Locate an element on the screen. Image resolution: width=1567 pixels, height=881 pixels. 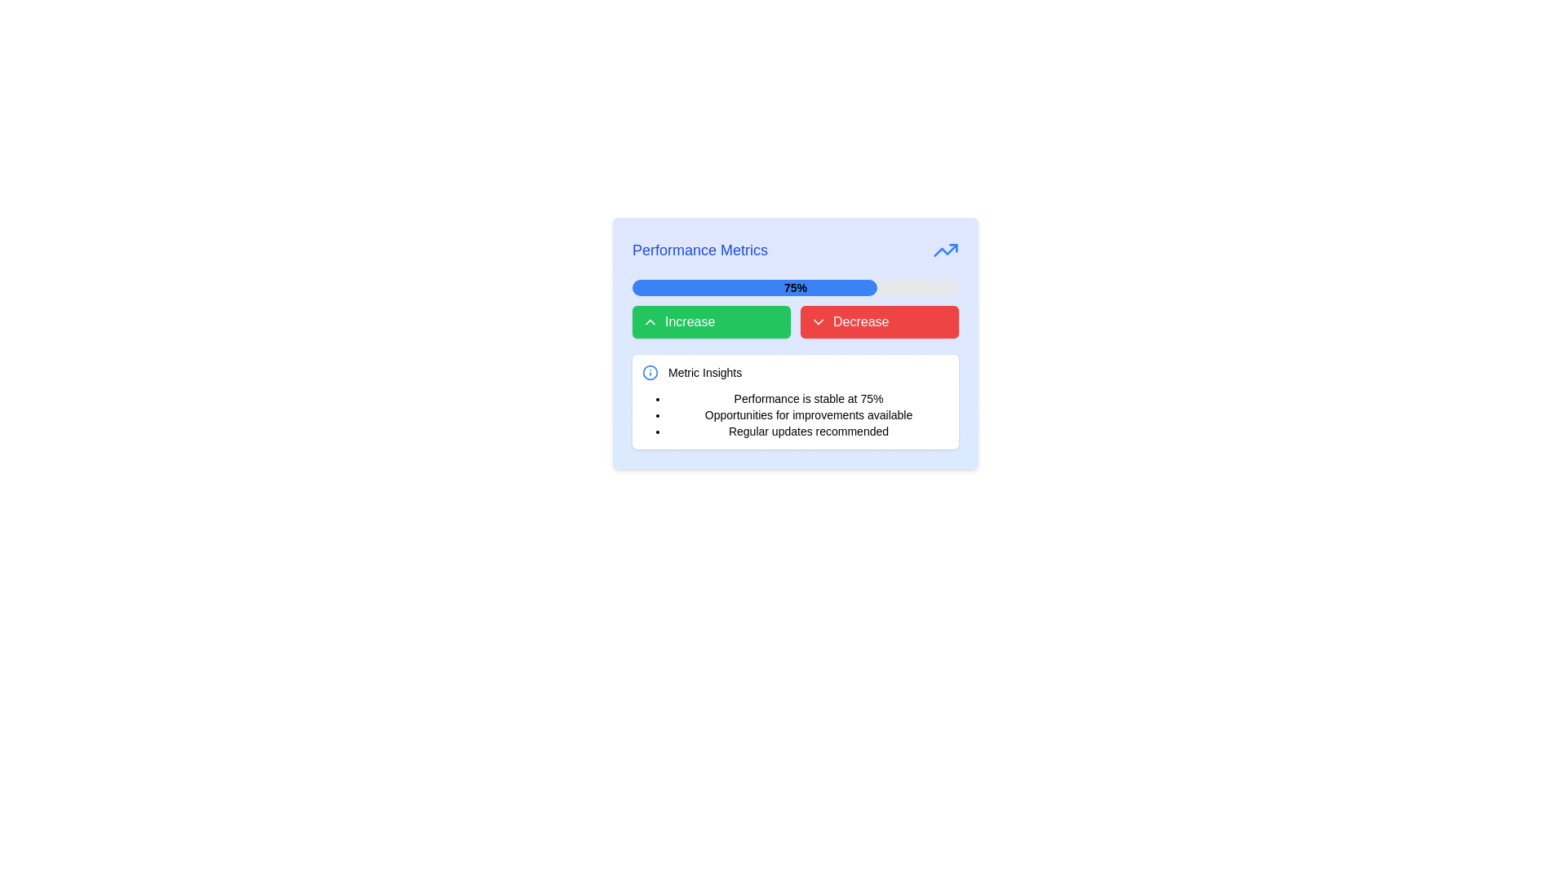
the upward trending arrow SVG icon with a blue stroke located on the right side of the 'Performance Metrics' section header is located at coordinates (945, 250).